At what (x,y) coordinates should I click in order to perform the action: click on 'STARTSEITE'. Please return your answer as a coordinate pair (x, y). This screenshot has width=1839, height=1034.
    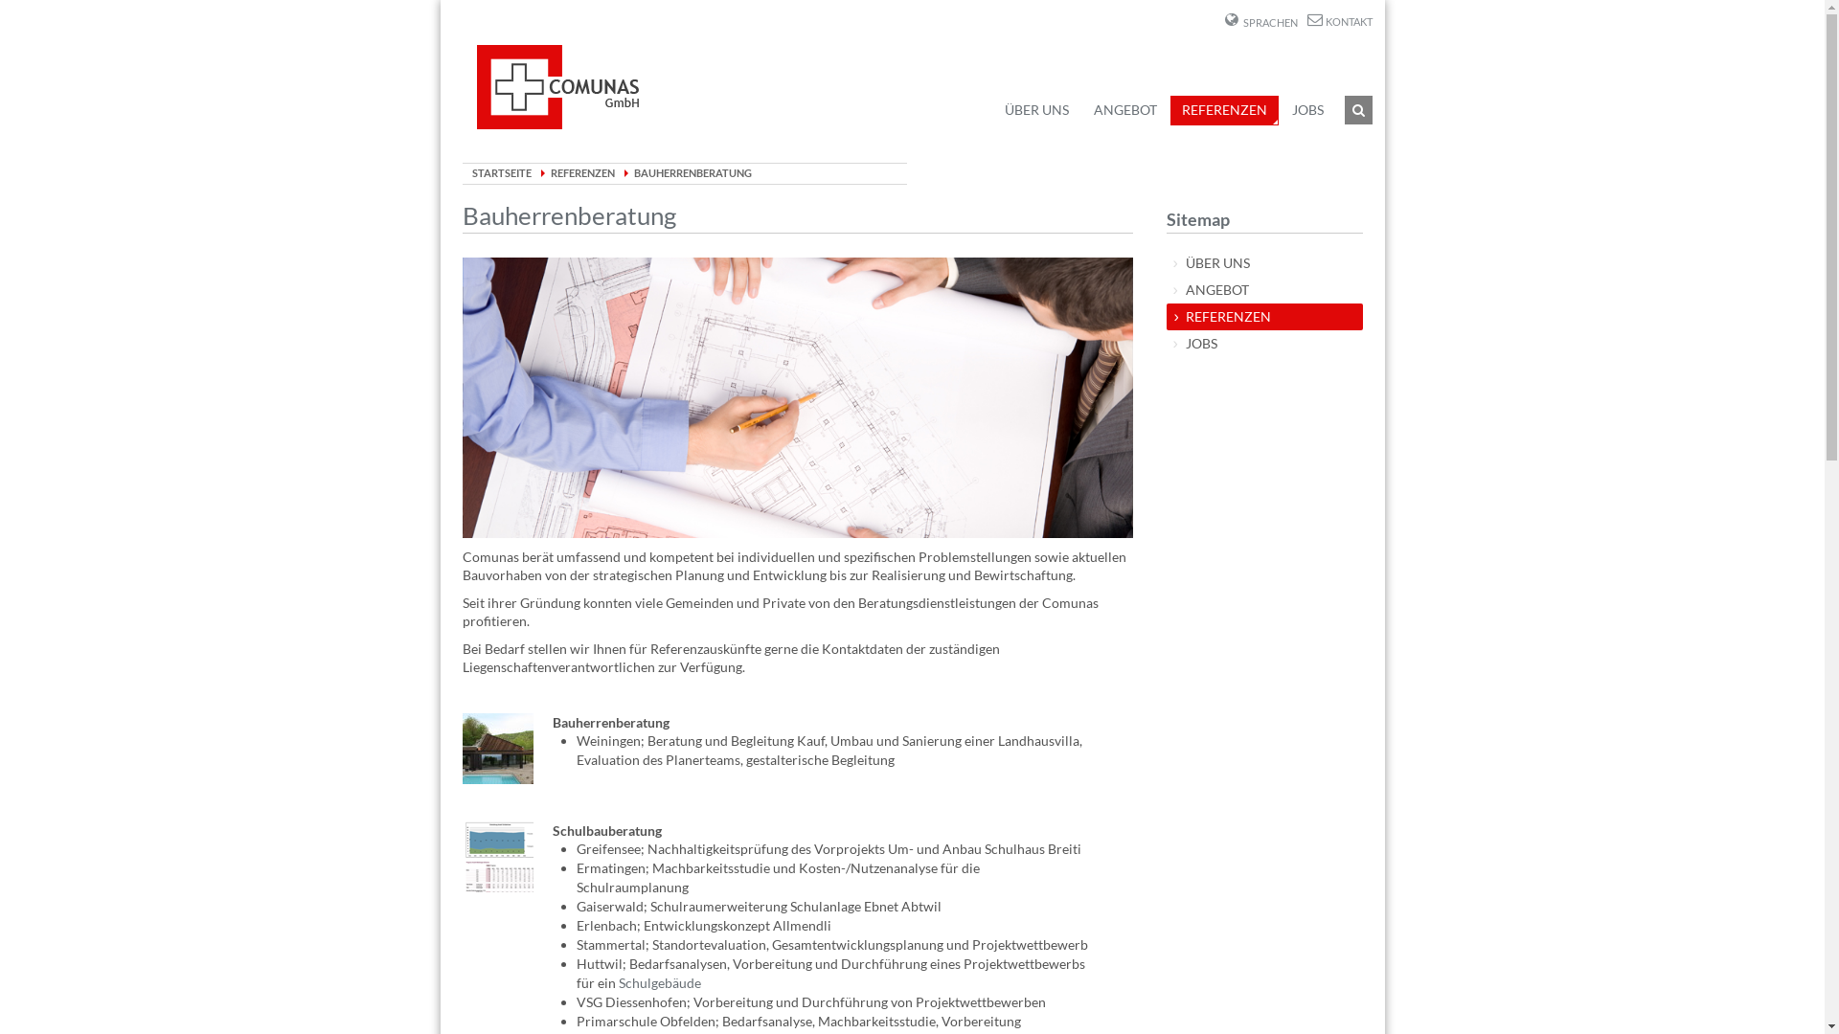
    Looking at the image, I should click on (501, 172).